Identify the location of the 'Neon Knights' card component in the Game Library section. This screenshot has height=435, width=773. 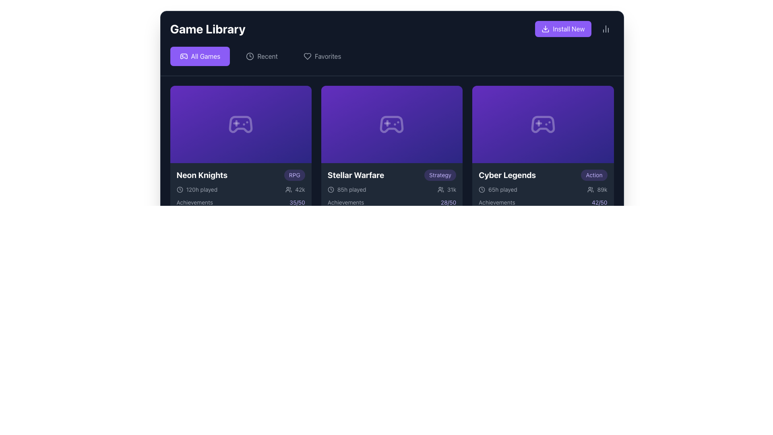
(240, 191).